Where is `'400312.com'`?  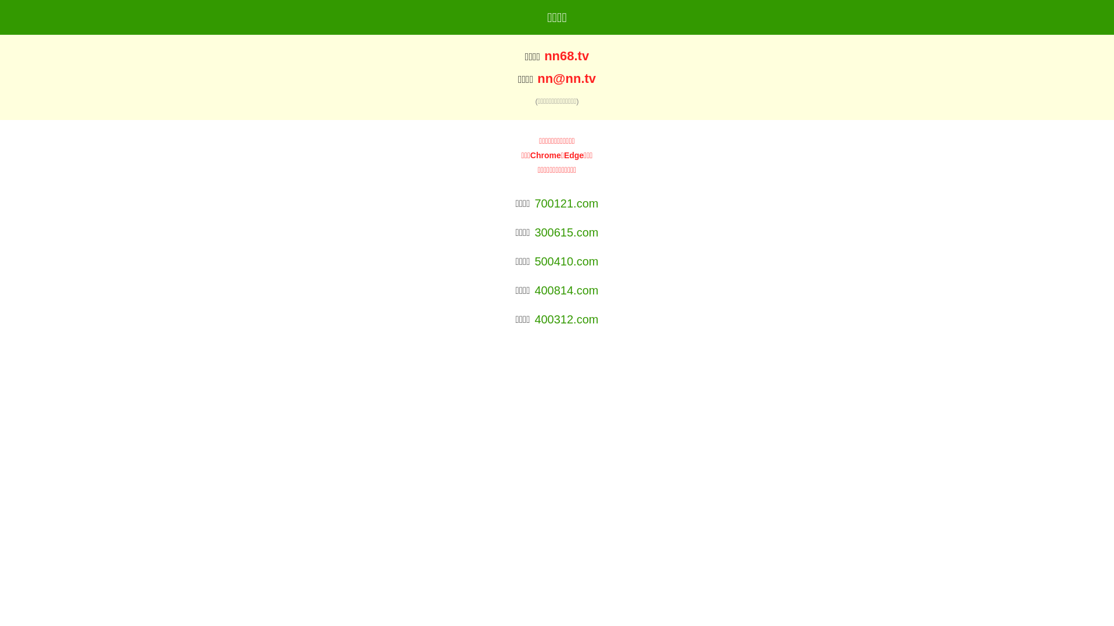
'400312.com' is located at coordinates (566, 319).